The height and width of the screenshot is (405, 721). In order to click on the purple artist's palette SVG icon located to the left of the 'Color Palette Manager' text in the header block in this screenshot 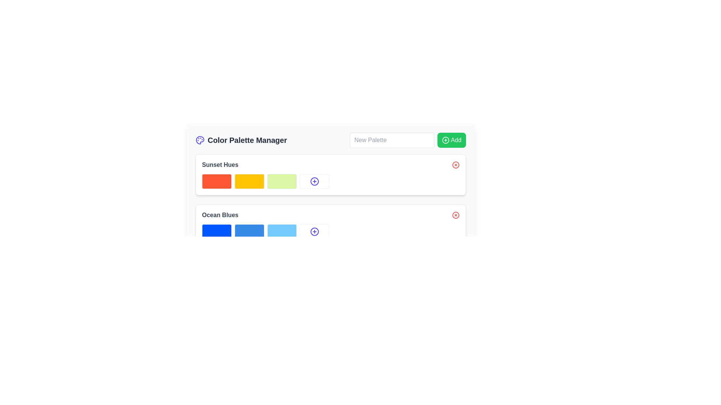, I will do `click(200, 140)`.